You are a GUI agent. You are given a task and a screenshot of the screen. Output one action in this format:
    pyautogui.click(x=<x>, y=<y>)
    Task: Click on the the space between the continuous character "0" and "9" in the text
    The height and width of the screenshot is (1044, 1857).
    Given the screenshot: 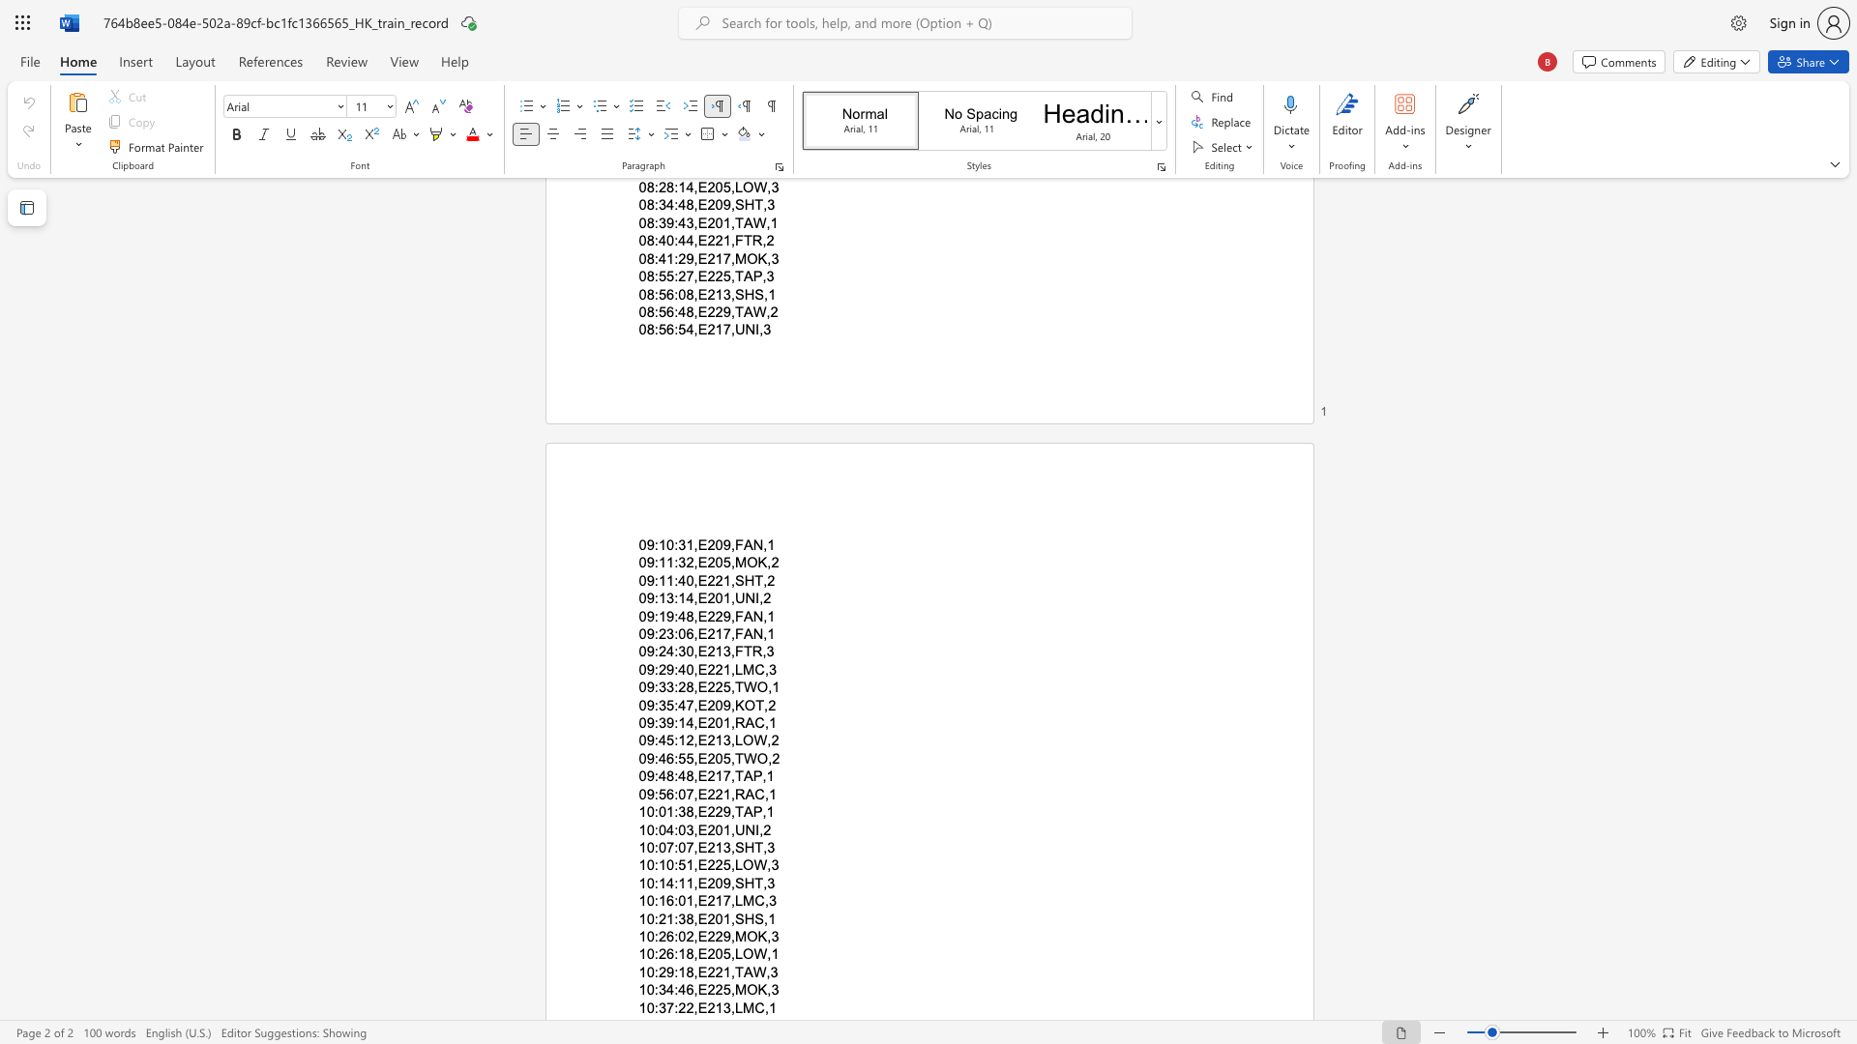 What is the action you would take?
    pyautogui.click(x=722, y=883)
    